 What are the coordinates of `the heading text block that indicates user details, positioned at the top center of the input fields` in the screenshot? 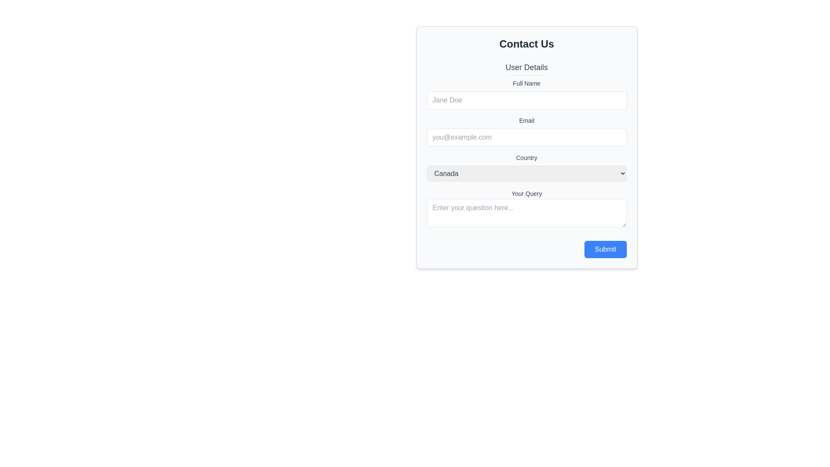 It's located at (526, 68).